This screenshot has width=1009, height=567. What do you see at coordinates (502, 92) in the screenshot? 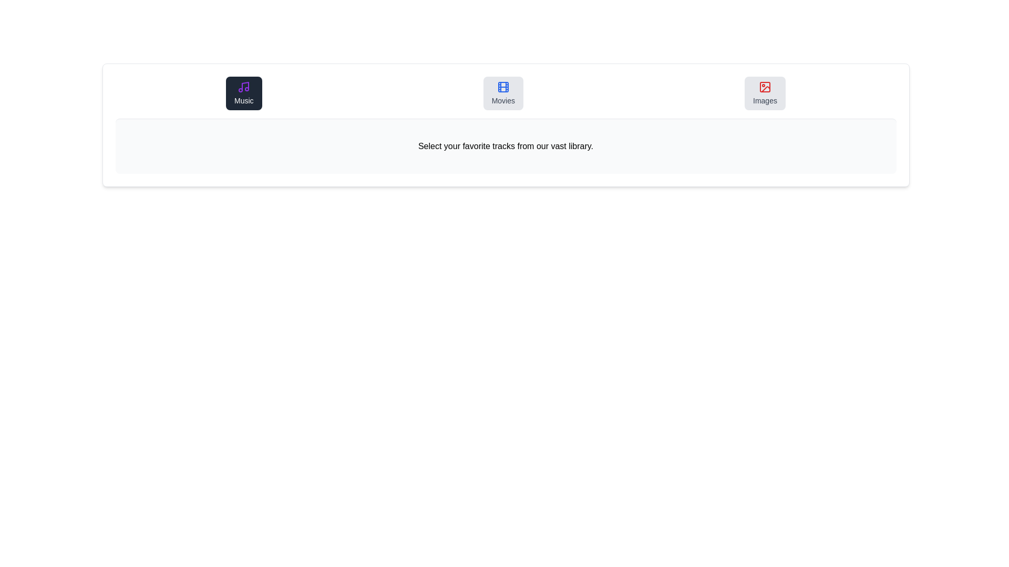
I see `the Movies tab to switch to the corresponding category` at bounding box center [502, 92].